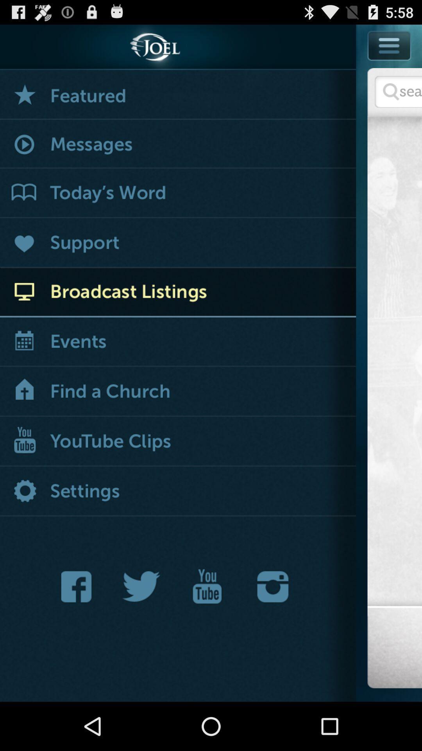 The image size is (422, 751). I want to click on facebook, so click(79, 586).